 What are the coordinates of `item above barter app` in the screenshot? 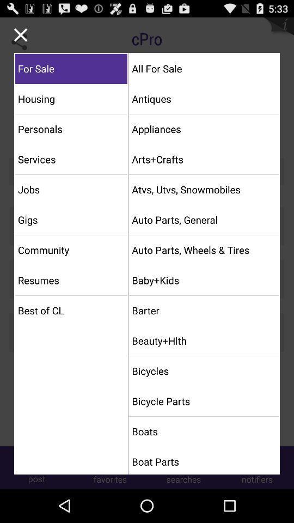 It's located at (204, 279).